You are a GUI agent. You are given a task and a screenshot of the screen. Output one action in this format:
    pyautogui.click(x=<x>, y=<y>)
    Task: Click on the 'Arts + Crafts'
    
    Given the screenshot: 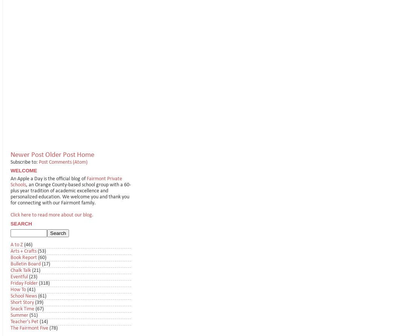 What is the action you would take?
    pyautogui.click(x=23, y=251)
    